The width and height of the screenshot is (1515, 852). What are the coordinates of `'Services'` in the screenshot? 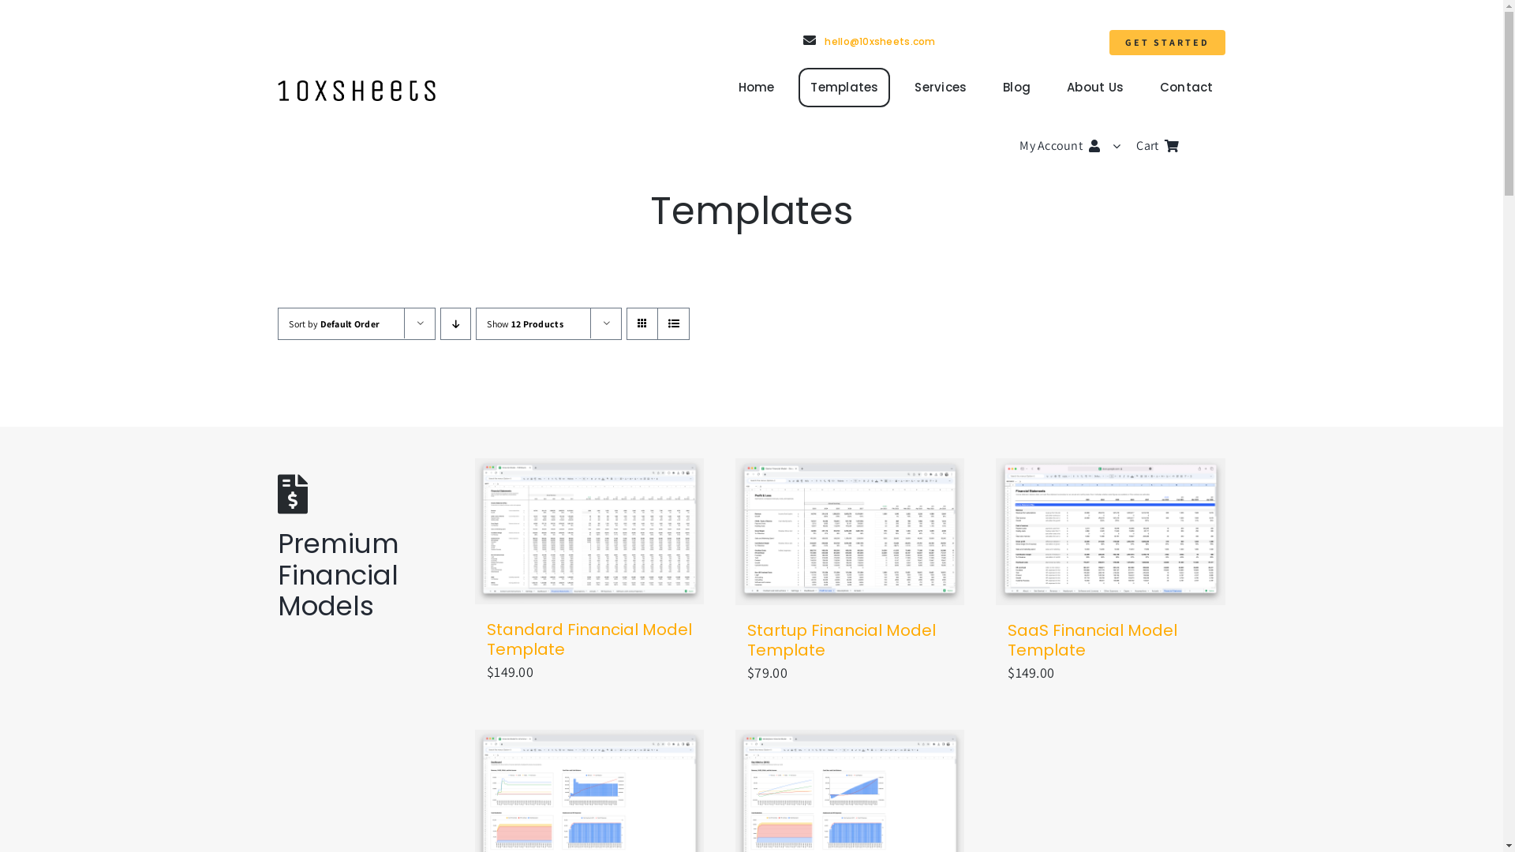 It's located at (940, 88).